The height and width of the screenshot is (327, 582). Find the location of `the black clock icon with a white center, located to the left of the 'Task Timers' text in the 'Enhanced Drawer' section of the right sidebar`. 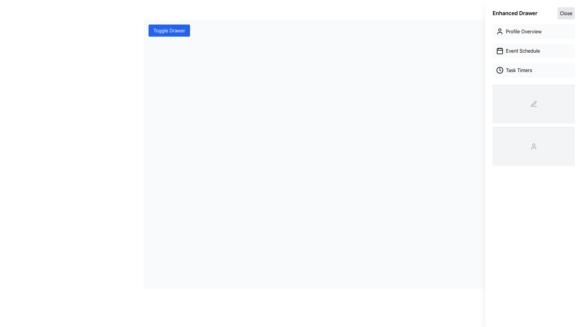

the black clock icon with a white center, located to the left of the 'Task Timers' text in the 'Enhanced Drawer' section of the right sidebar is located at coordinates (500, 70).